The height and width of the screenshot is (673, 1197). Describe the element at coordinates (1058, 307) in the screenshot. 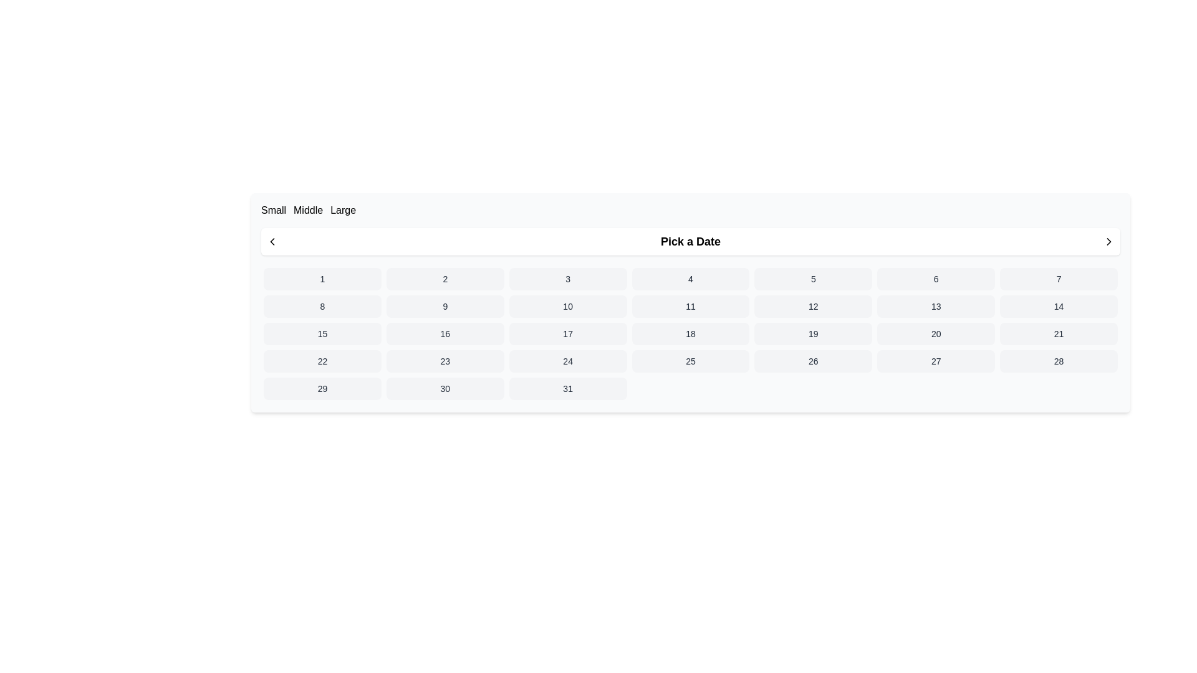

I see `the rounded rectangular button displaying the number '14' to observe its color changes` at that location.